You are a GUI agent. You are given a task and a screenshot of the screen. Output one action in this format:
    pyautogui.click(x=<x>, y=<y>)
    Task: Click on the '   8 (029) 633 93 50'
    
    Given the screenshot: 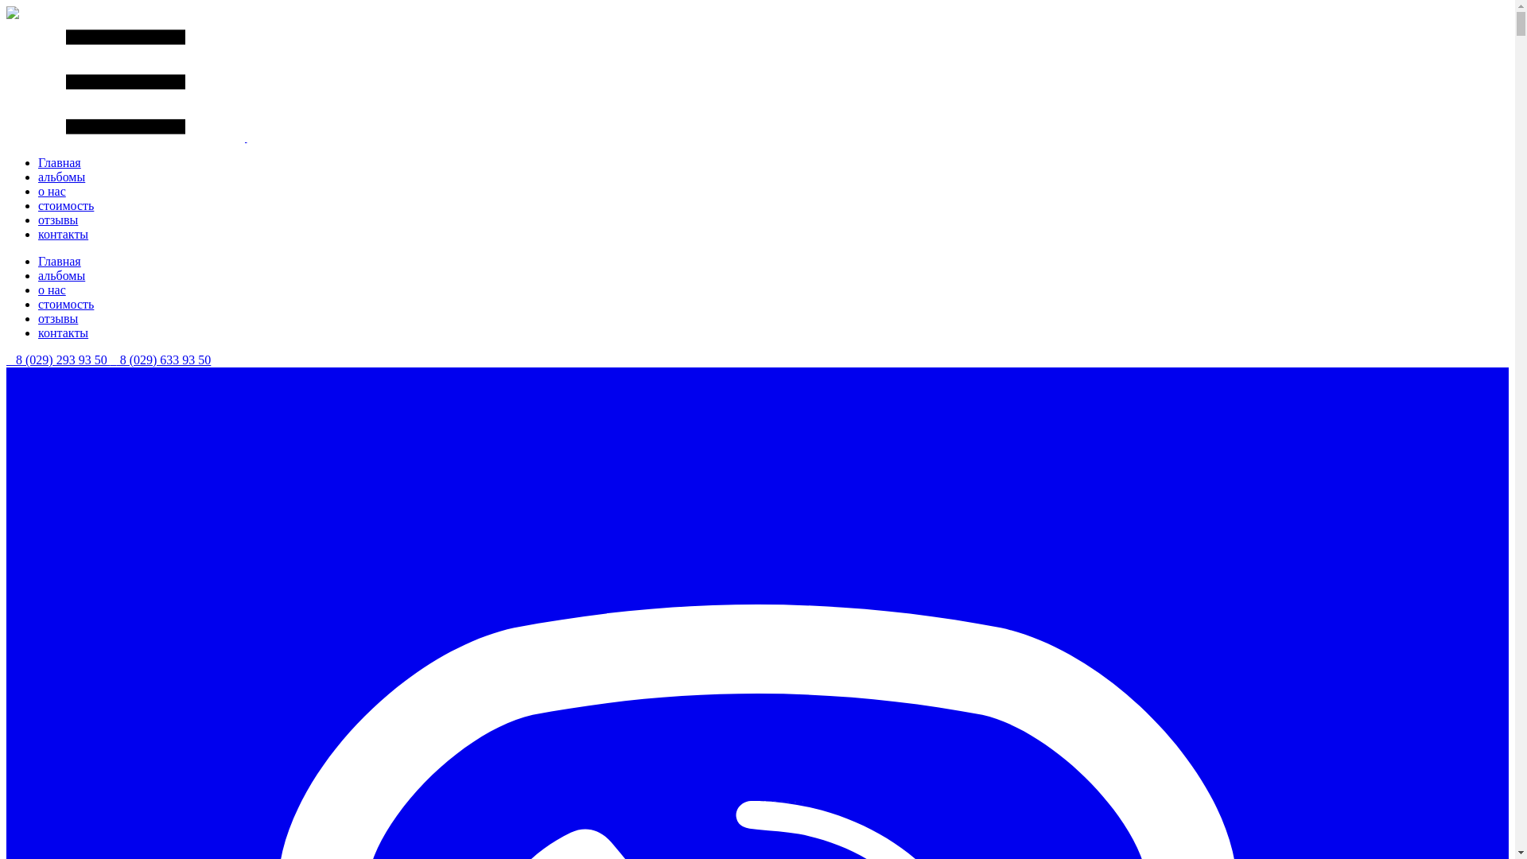 What is the action you would take?
    pyautogui.click(x=110, y=360)
    